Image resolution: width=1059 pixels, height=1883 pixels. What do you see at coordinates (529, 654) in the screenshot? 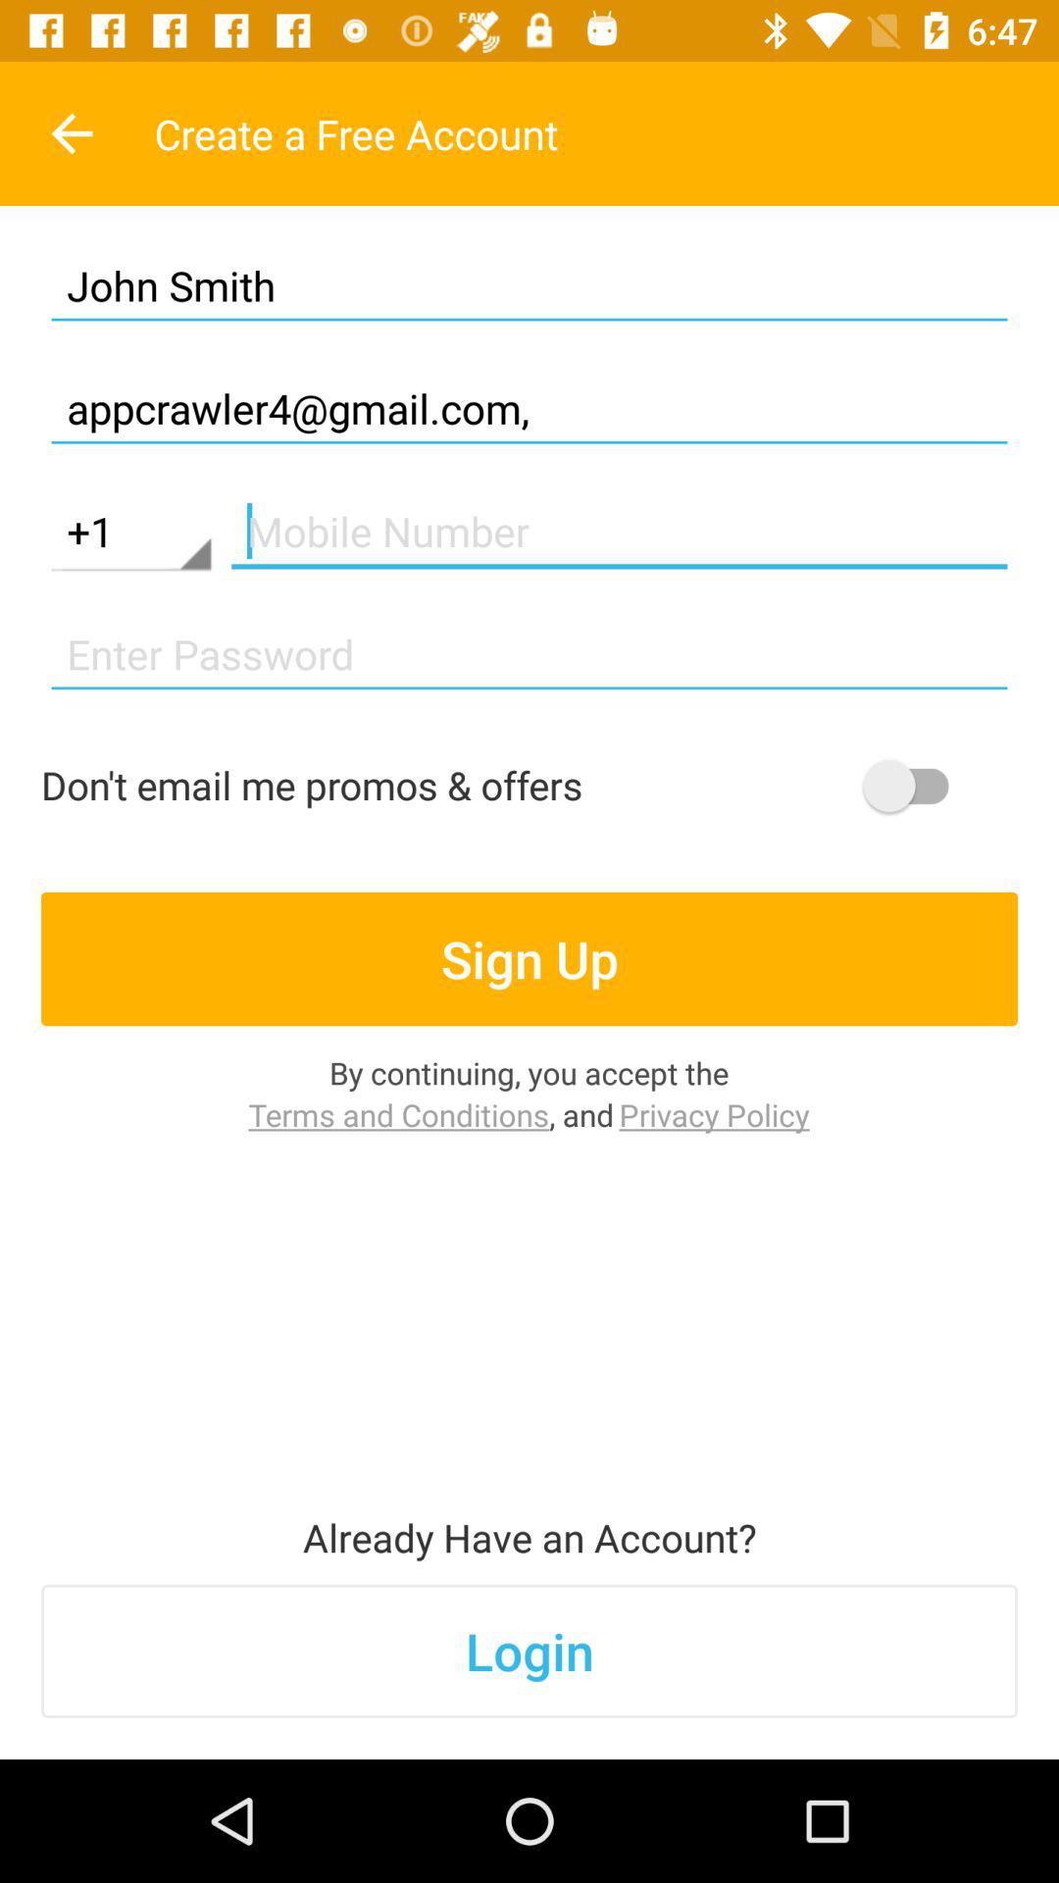
I see `password` at bounding box center [529, 654].